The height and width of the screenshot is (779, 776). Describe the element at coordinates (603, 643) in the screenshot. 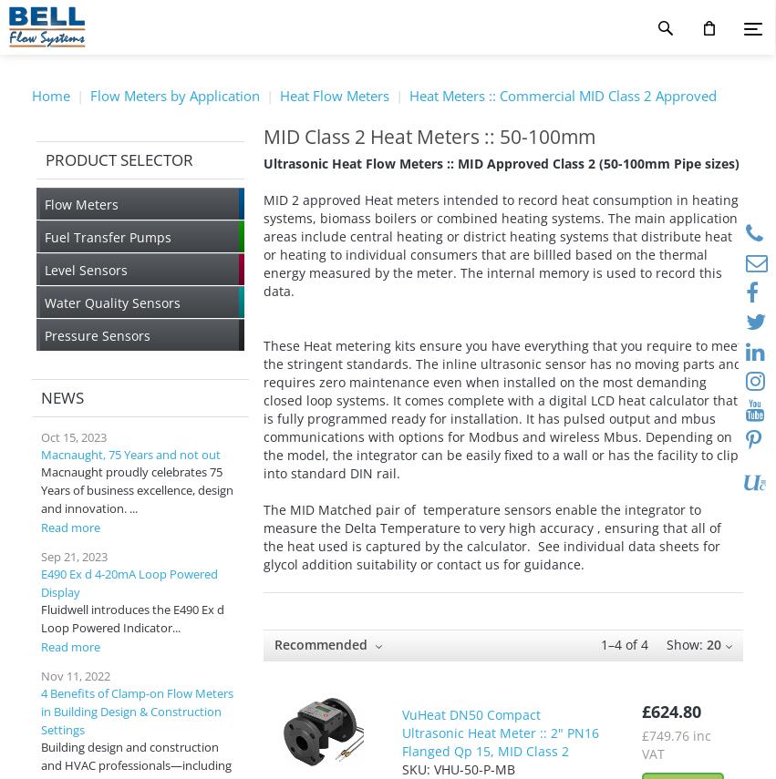

I see `'1'` at that location.